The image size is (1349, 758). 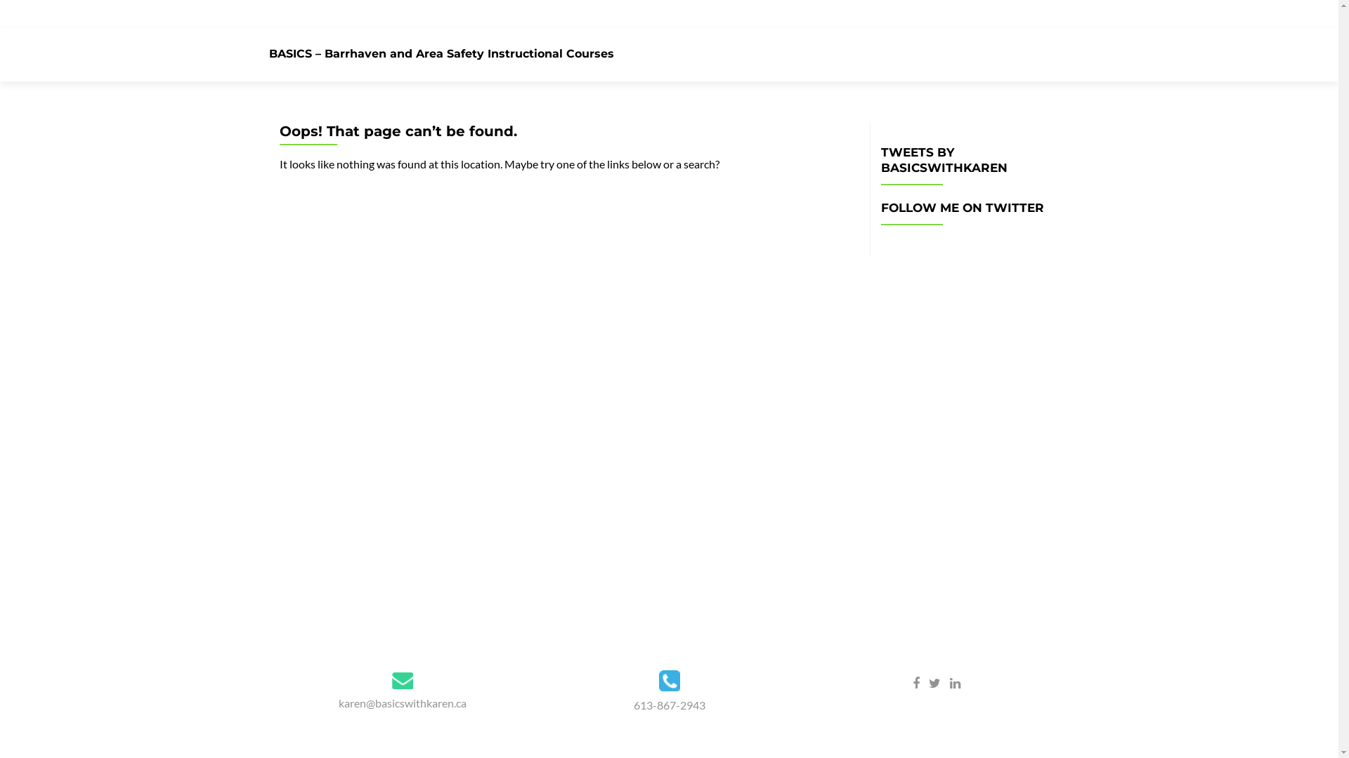 What do you see at coordinates (401, 703) in the screenshot?
I see `'karen@basicswithkaren.ca'` at bounding box center [401, 703].